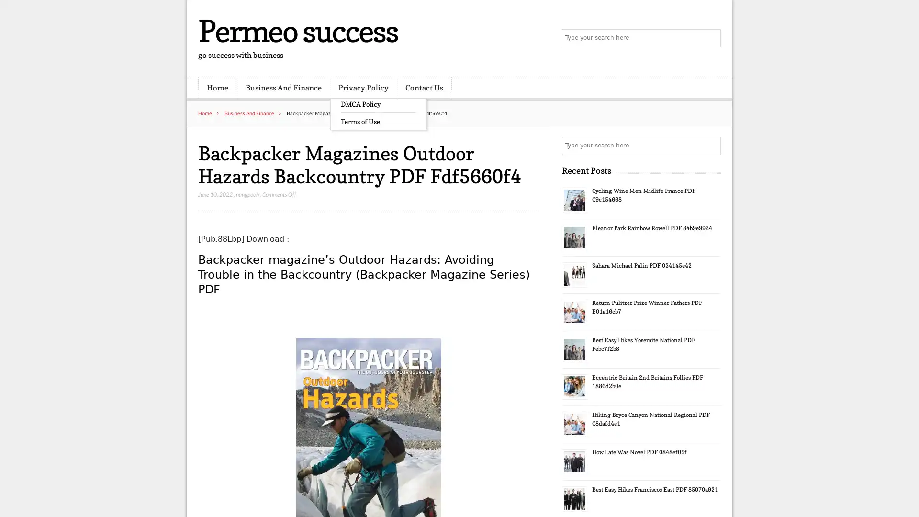 The image size is (919, 517). I want to click on Search, so click(711, 38).